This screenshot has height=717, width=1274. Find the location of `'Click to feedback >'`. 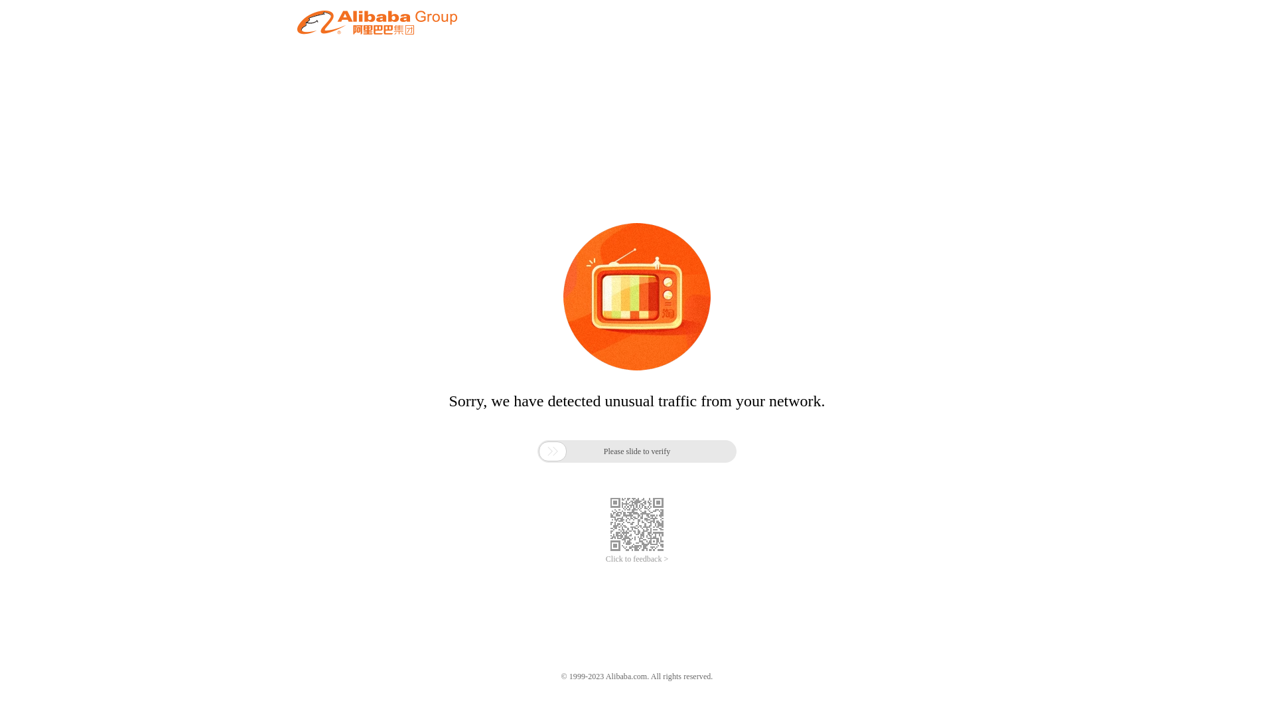

'Click to feedback >' is located at coordinates (637, 559).